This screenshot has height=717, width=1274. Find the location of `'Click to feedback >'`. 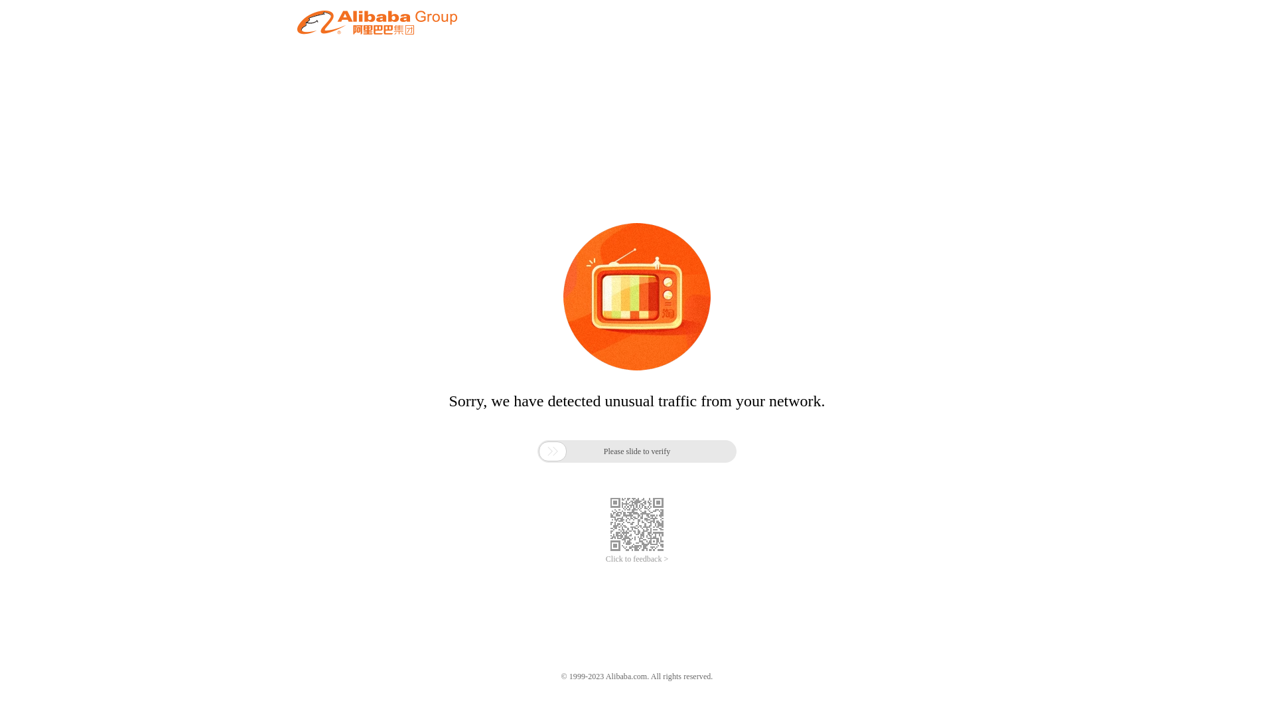

'Click to feedback >' is located at coordinates (637, 559).